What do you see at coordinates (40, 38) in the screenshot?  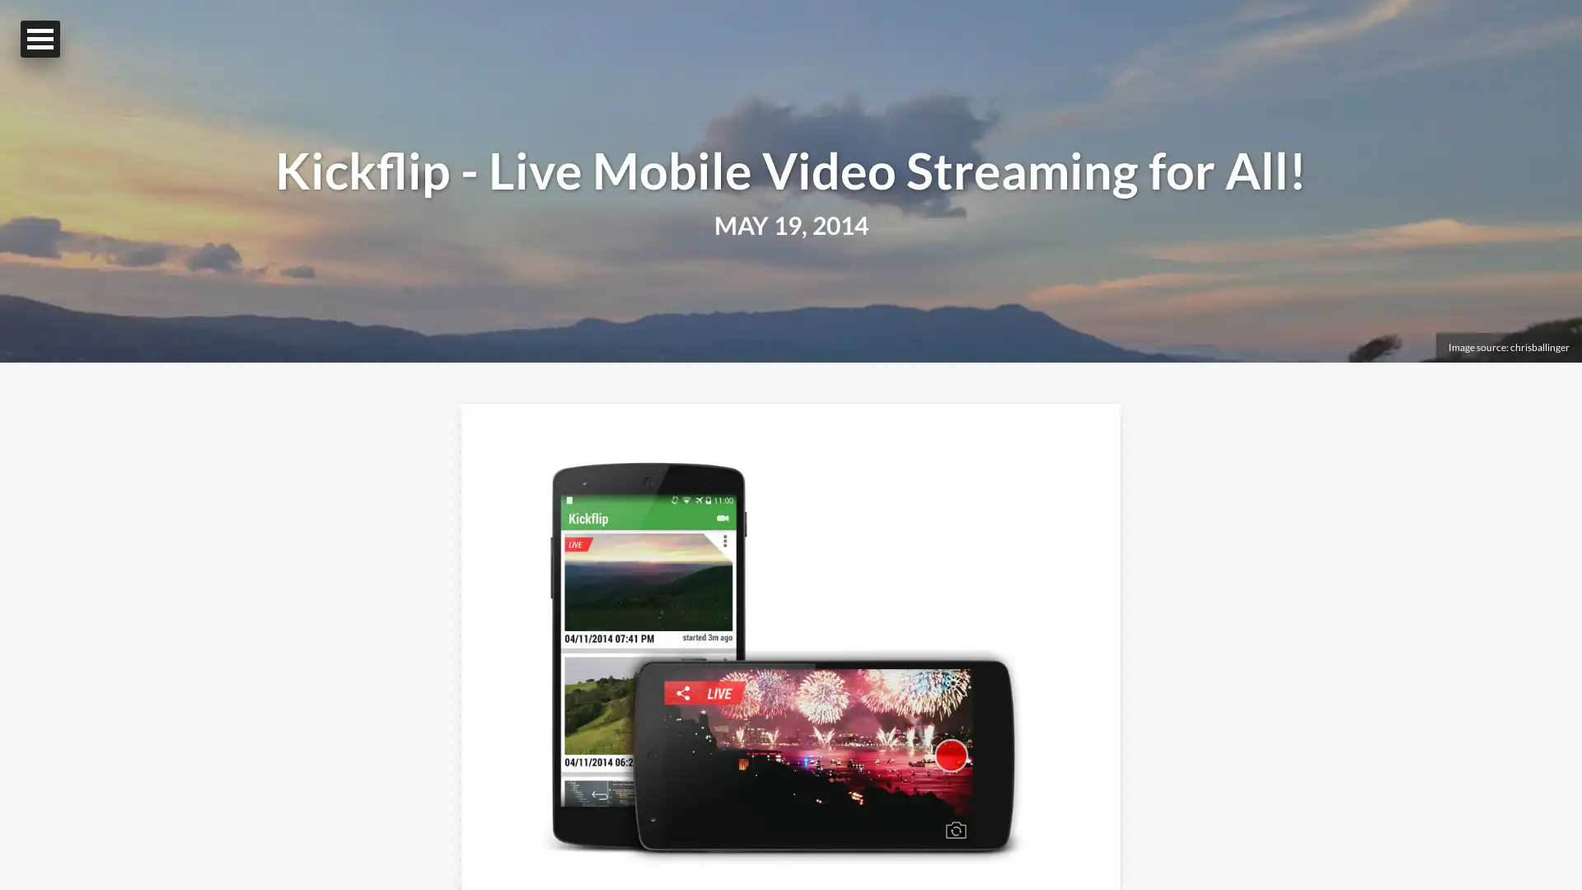 I see `Open Menu` at bounding box center [40, 38].